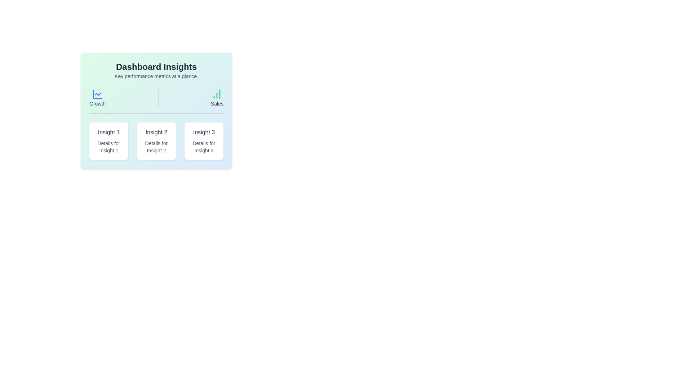  Describe the element at coordinates (108, 147) in the screenshot. I see `the Text label providing descriptive information related to the heading 'Insight 1' for inspection` at that location.